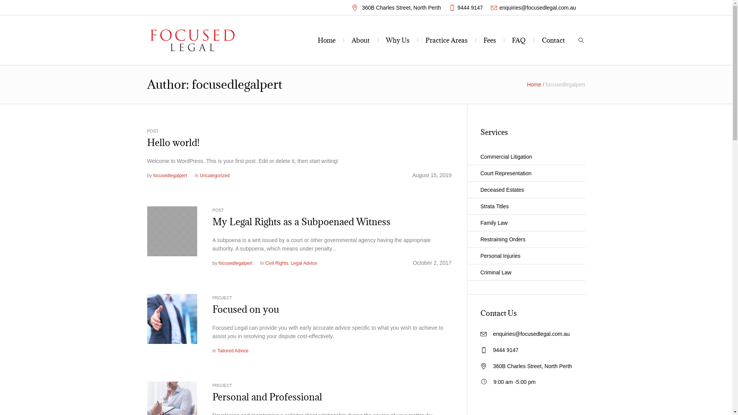 The height and width of the screenshot is (415, 738). What do you see at coordinates (553, 40) in the screenshot?
I see `'Contact'` at bounding box center [553, 40].